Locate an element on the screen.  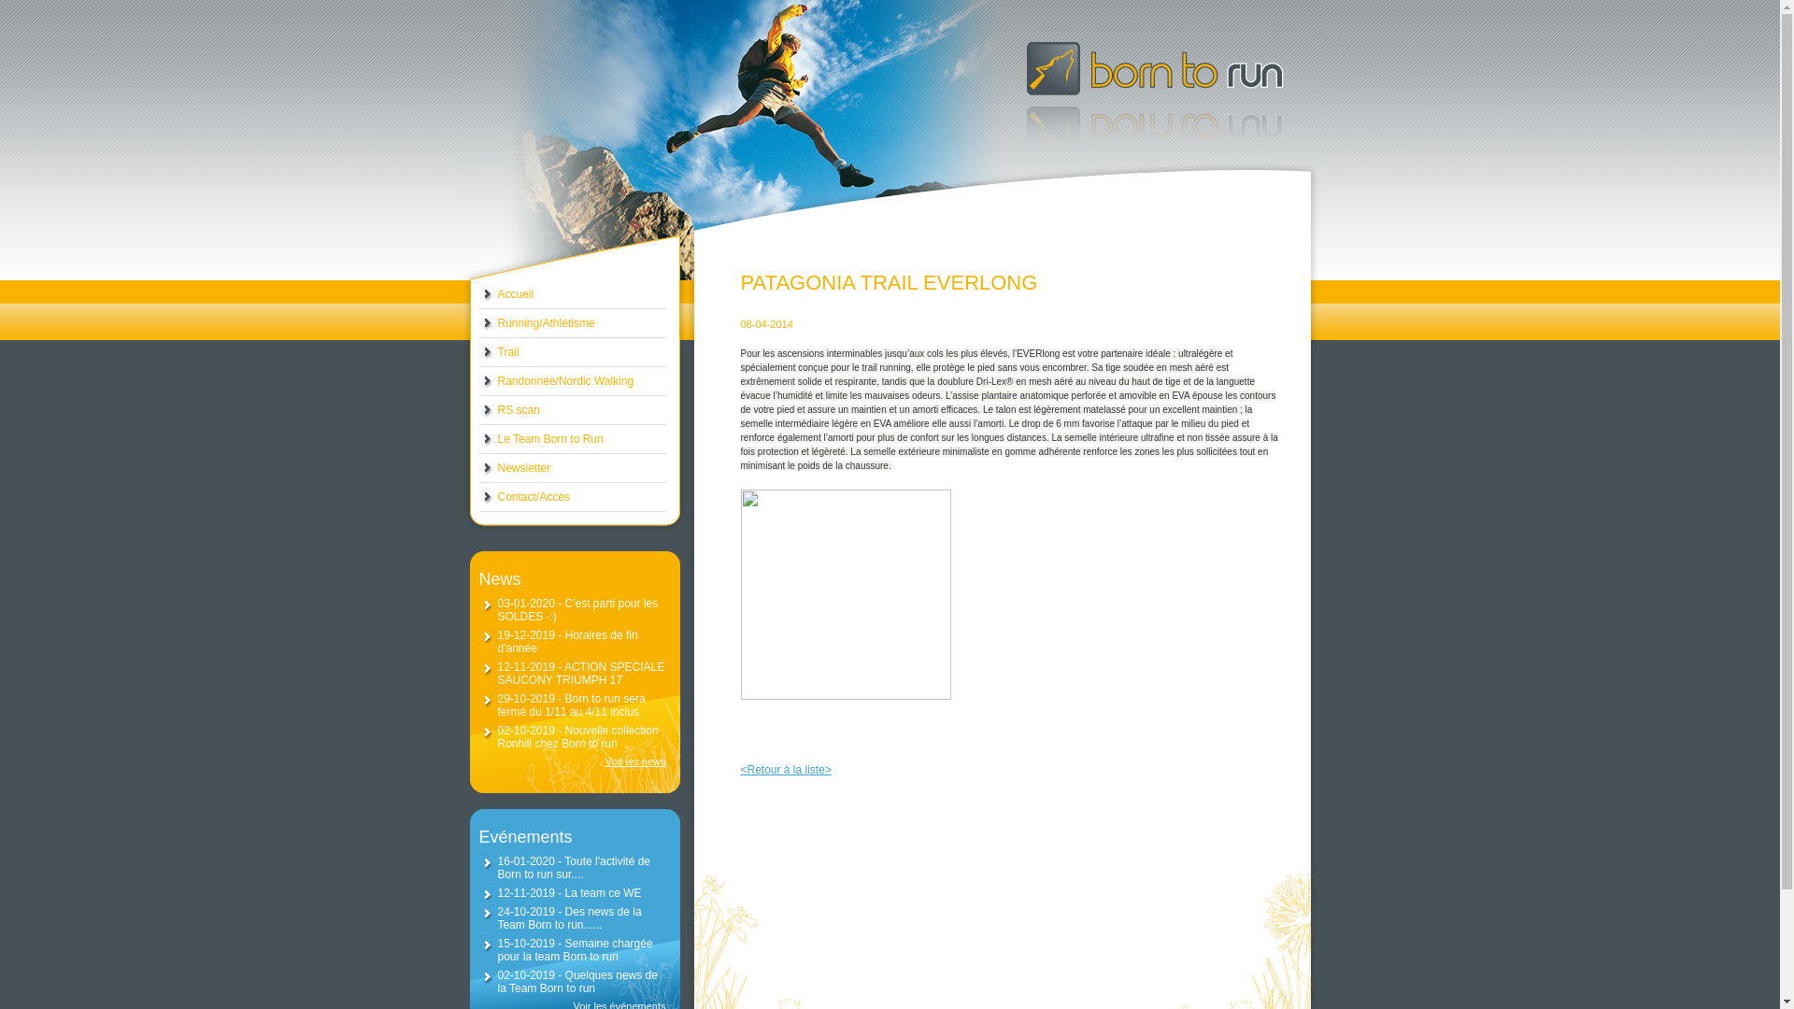
'12-11-2019 - ACTION SPECIALE SAUCONY TRIUMPH 17' is located at coordinates (579, 674).